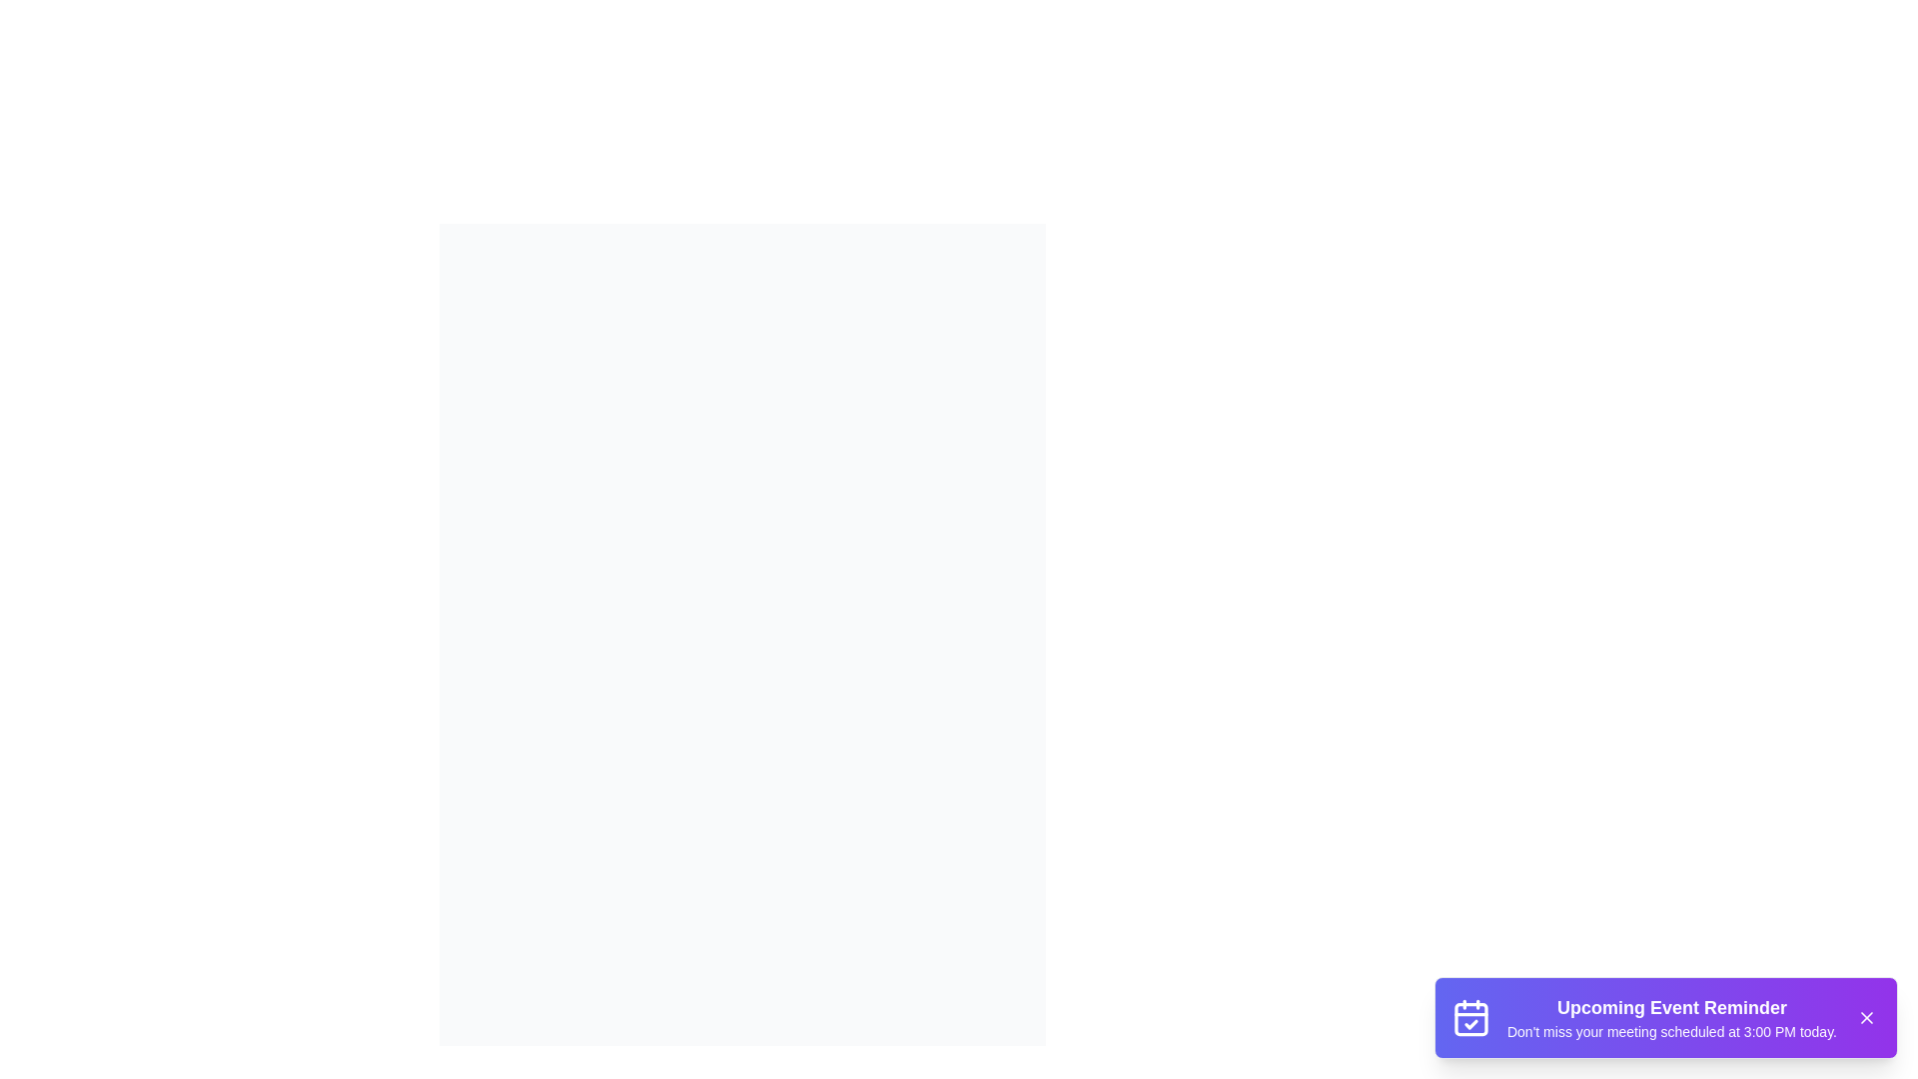  What do you see at coordinates (1865, 1017) in the screenshot?
I see `the close button to dismiss the notification` at bounding box center [1865, 1017].